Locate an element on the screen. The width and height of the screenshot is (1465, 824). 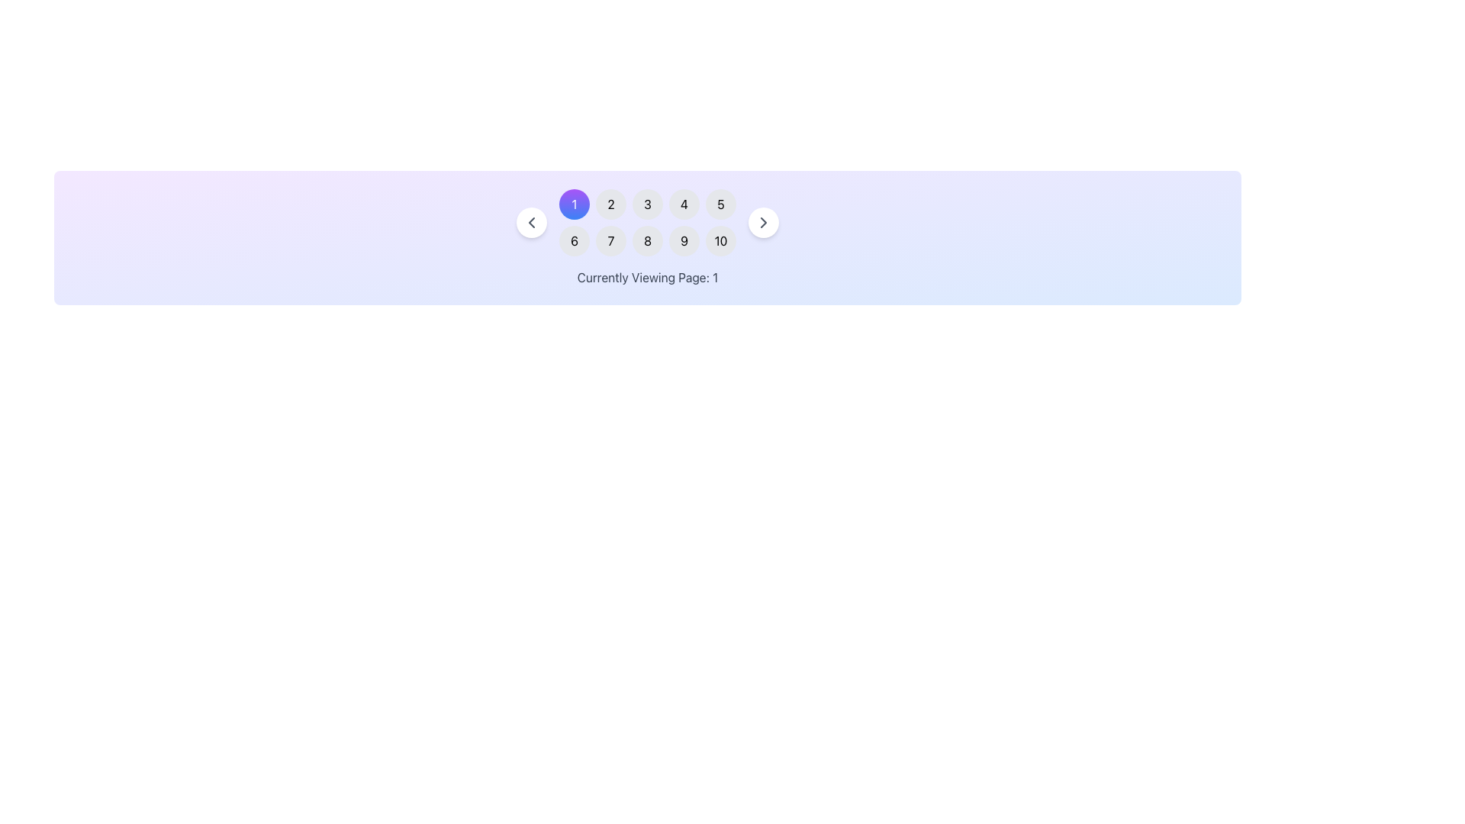
the circular button with a gray background and white text reading '8' is located at coordinates (648, 240).